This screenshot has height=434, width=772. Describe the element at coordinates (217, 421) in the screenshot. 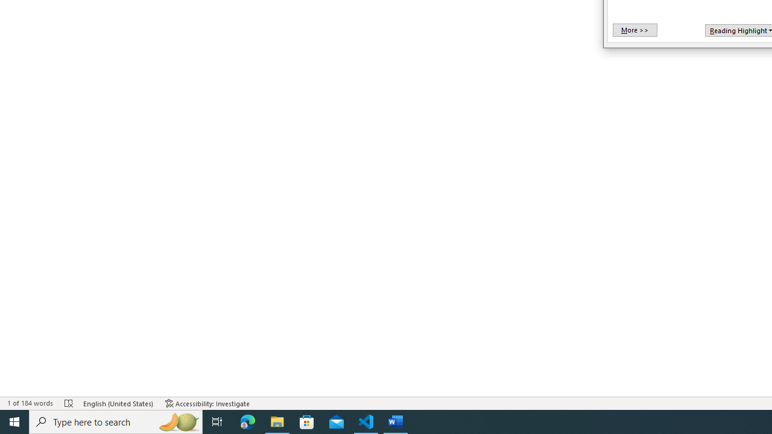

I see `'Task View'` at that location.